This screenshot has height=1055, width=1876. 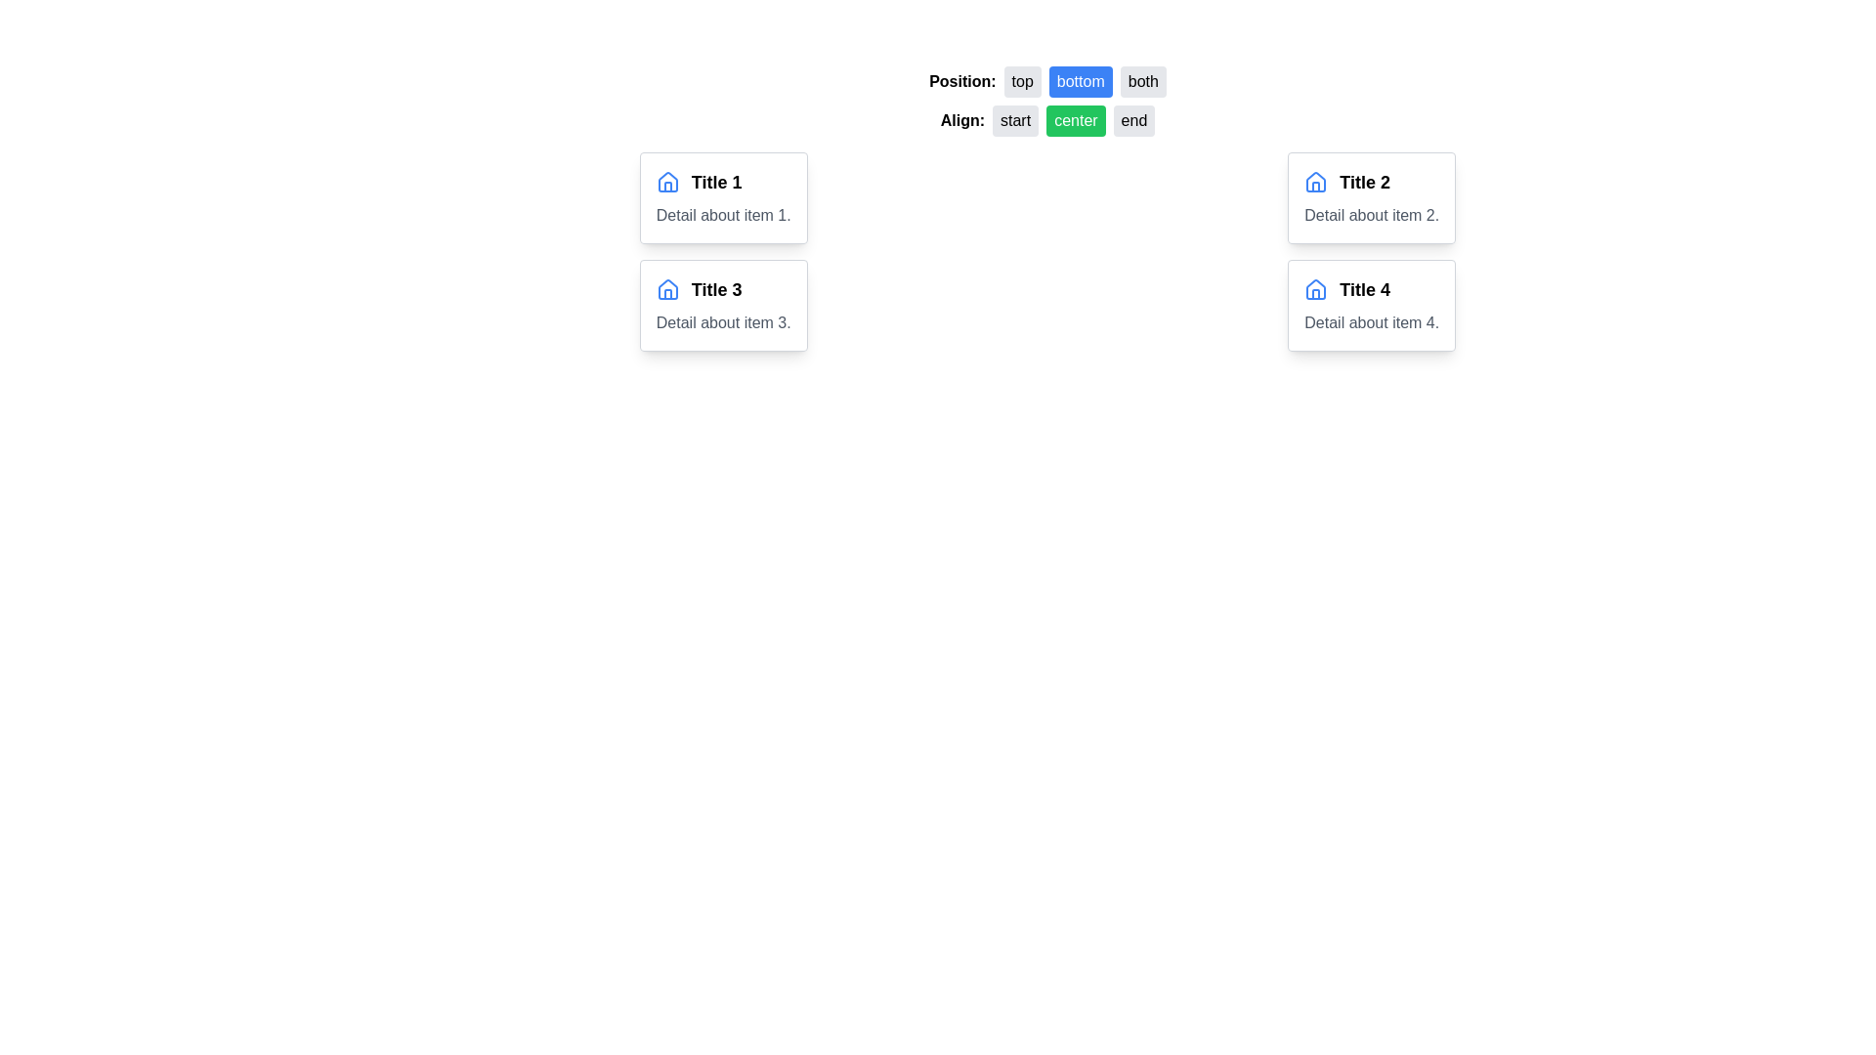 What do you see at coordinates (667, 290) in the screenshot?
I see `the house icon with a blue outline located to the left of the text label 'Title 3' within the card-like structure` at bounding box center [667, 290].